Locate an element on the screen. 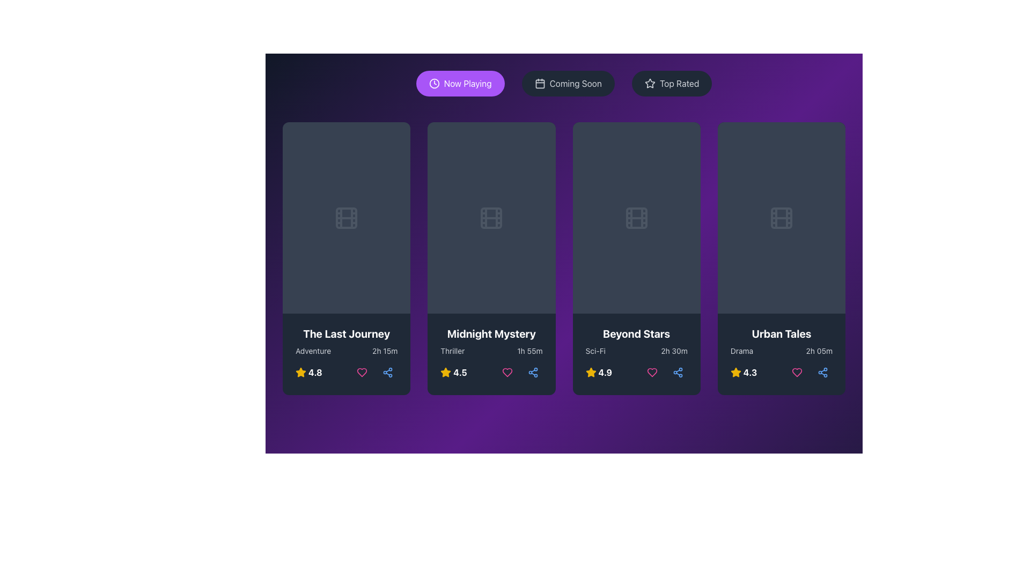 This screenshot has width=1030, height=579. rating value displayed in the text label located at the bottom of the movie card for 'Beyond Stars', adjacent to the star icon is located at coordinates (605, 372).